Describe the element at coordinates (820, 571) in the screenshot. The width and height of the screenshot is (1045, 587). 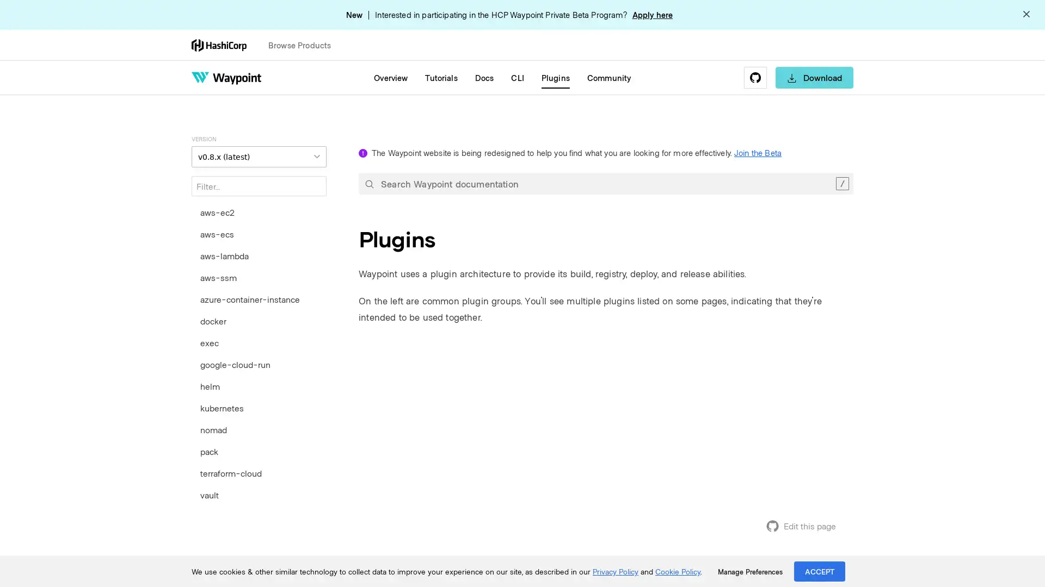
I see `ACCEPT` at that location.